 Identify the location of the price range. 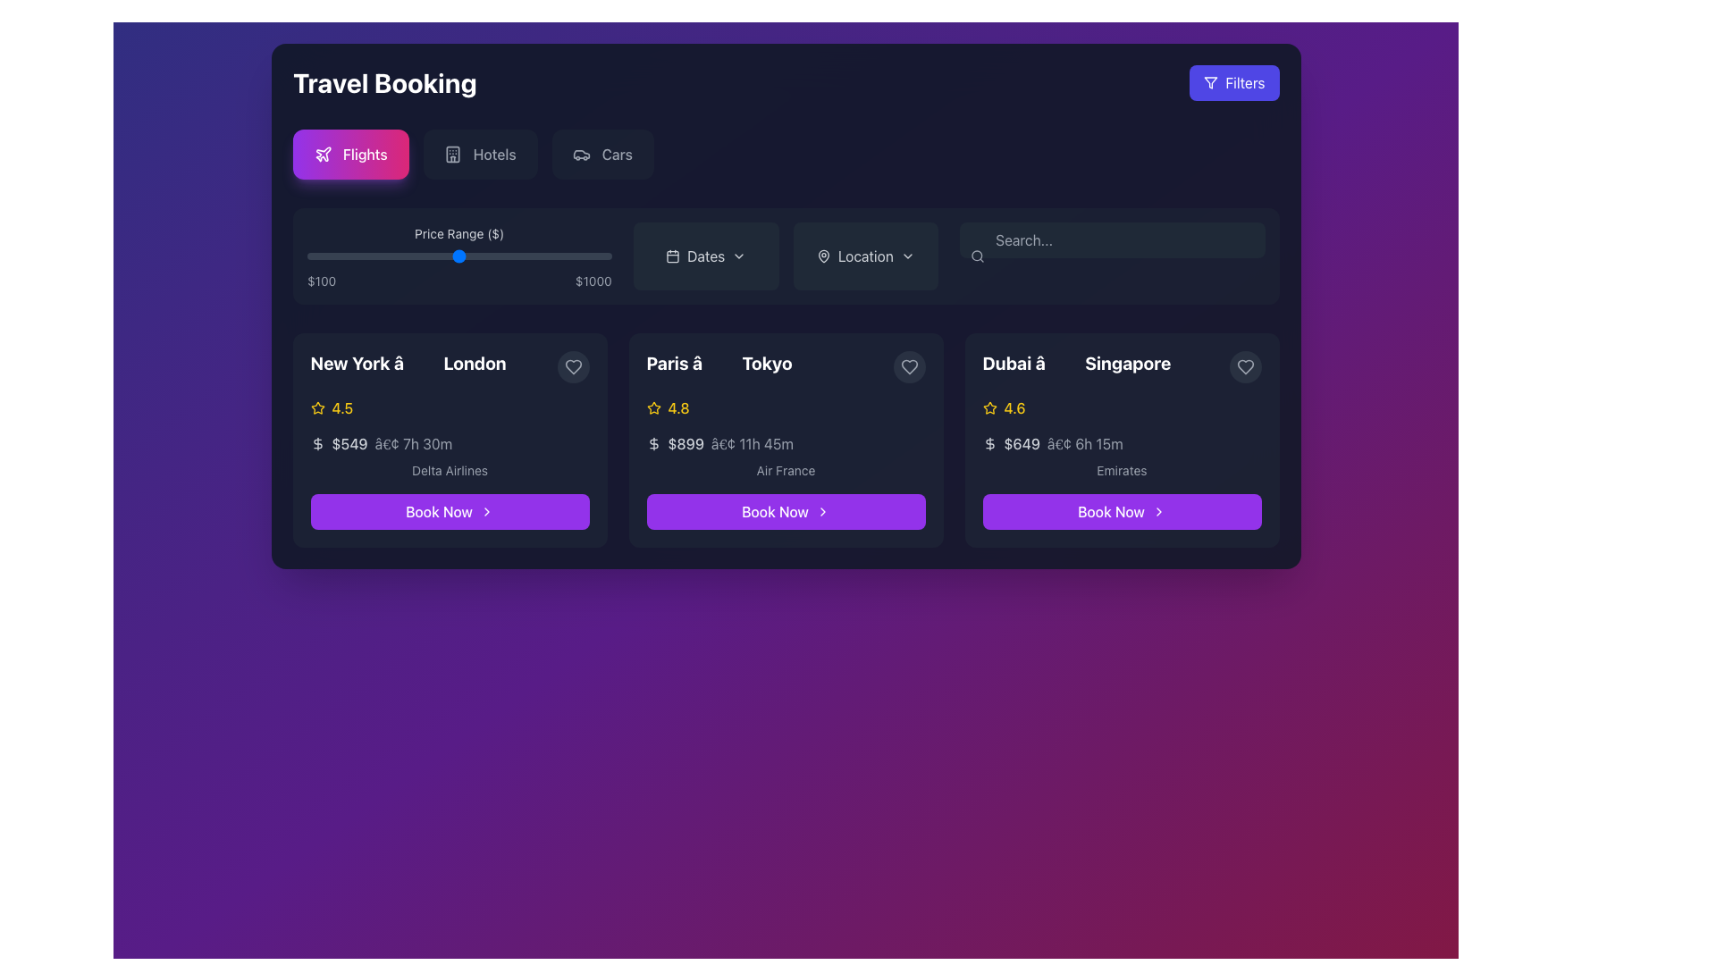
(471, 256).